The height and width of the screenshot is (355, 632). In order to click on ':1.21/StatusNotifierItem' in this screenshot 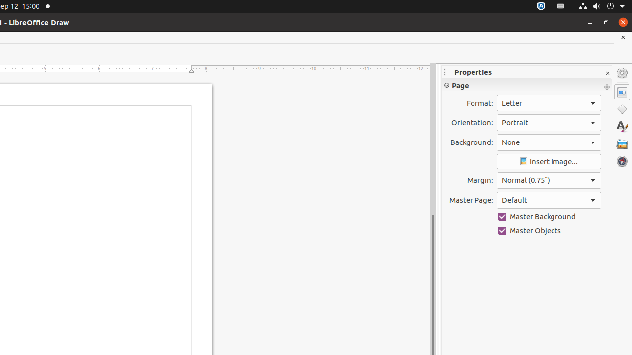, I will do `click(561, 6)`.